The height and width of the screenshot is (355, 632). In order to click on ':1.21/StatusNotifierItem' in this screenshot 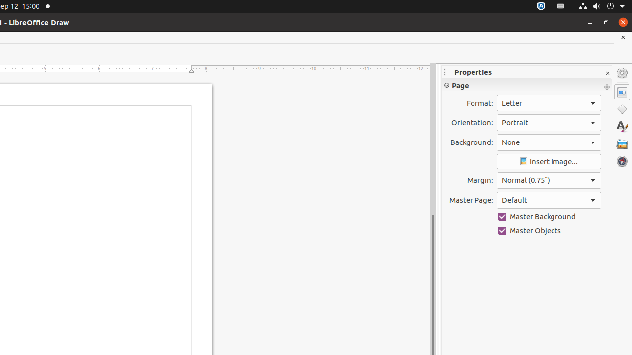, I will do `click(561, 6)`.